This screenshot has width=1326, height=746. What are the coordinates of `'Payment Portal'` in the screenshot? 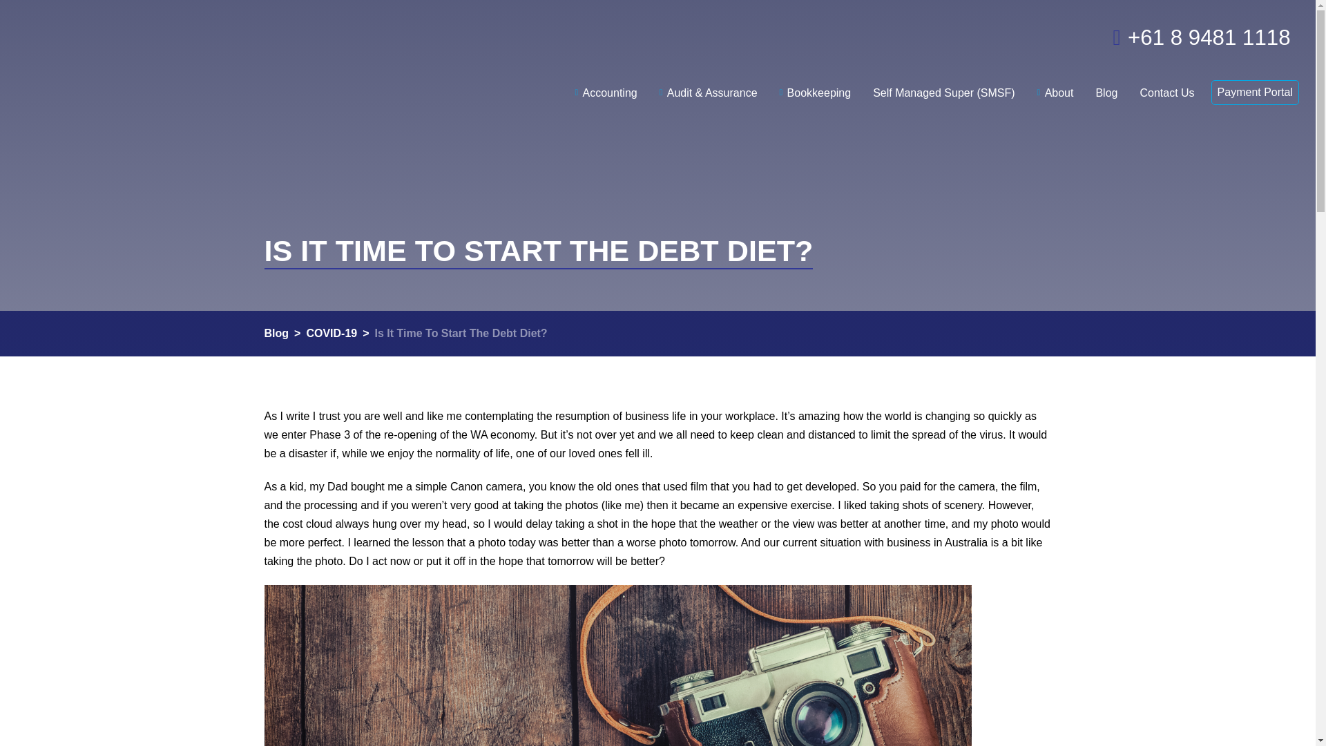 It's located at (1255, 93).